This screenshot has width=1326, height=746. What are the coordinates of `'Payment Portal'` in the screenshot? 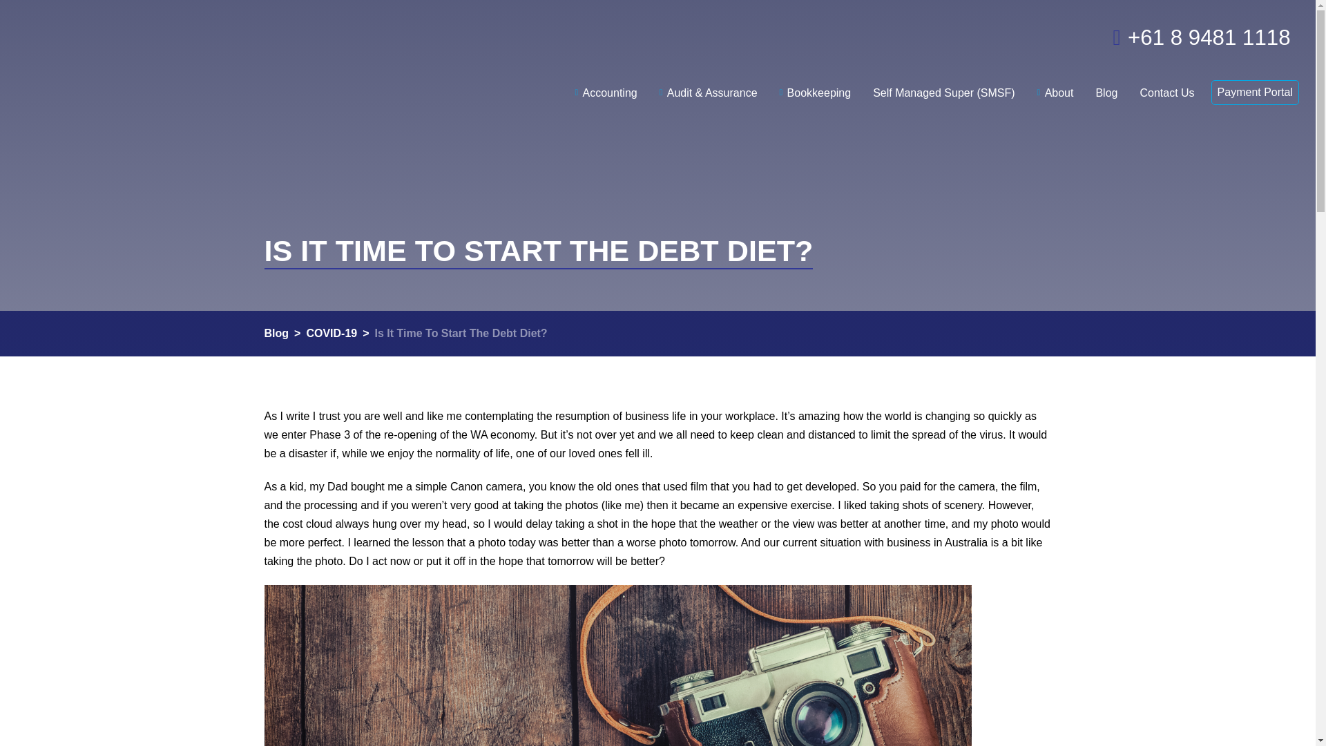 It's located at (1255, 93).